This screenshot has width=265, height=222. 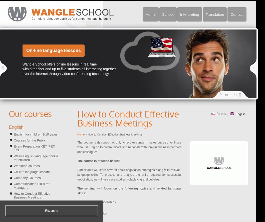 I want to click on 'Communication Skills for Managers', so click(x=31, y=185).